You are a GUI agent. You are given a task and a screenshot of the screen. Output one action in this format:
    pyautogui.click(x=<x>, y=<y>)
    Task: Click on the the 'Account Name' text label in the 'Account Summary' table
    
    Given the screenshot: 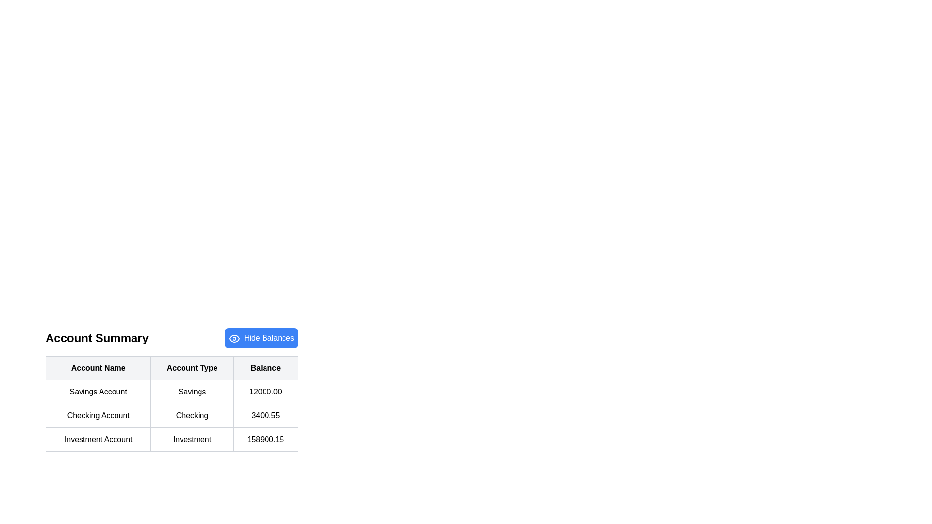 What is the action you would take?
    pyautogui.click(x=98, y=391)
    